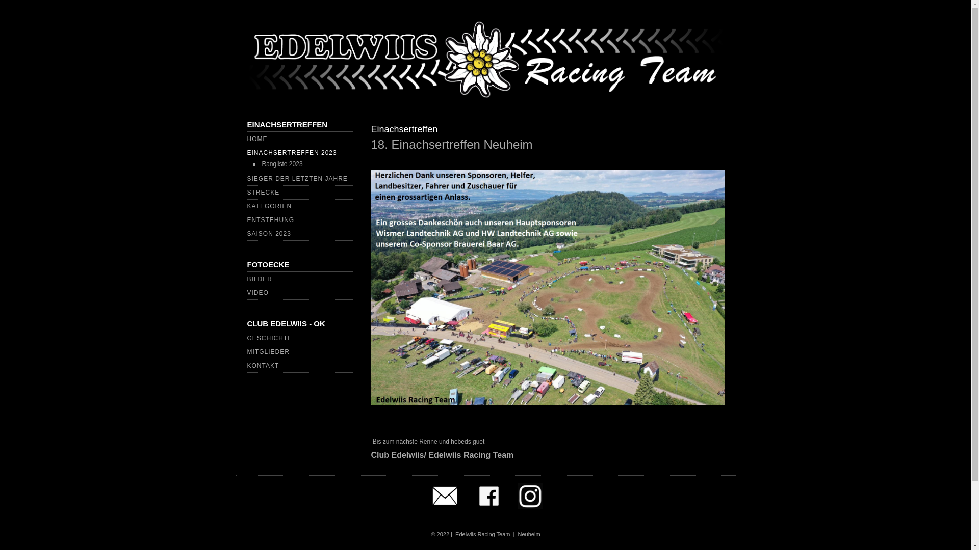  I want to click on 'EINACHSERTREFFEN 2023', so click(247, 153).